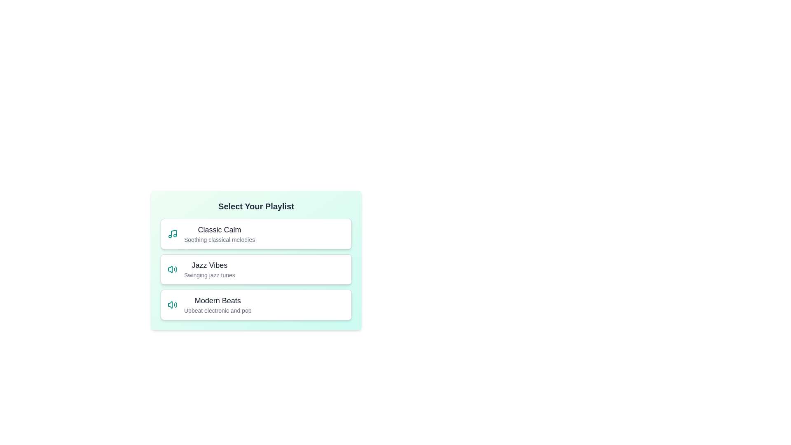 The image size is (791, 445). Describe the element at coordinates (326, 271) in the screenshot. I see `the 'Jazz Vibes' selectable card in the playlist selection modal` at that location.